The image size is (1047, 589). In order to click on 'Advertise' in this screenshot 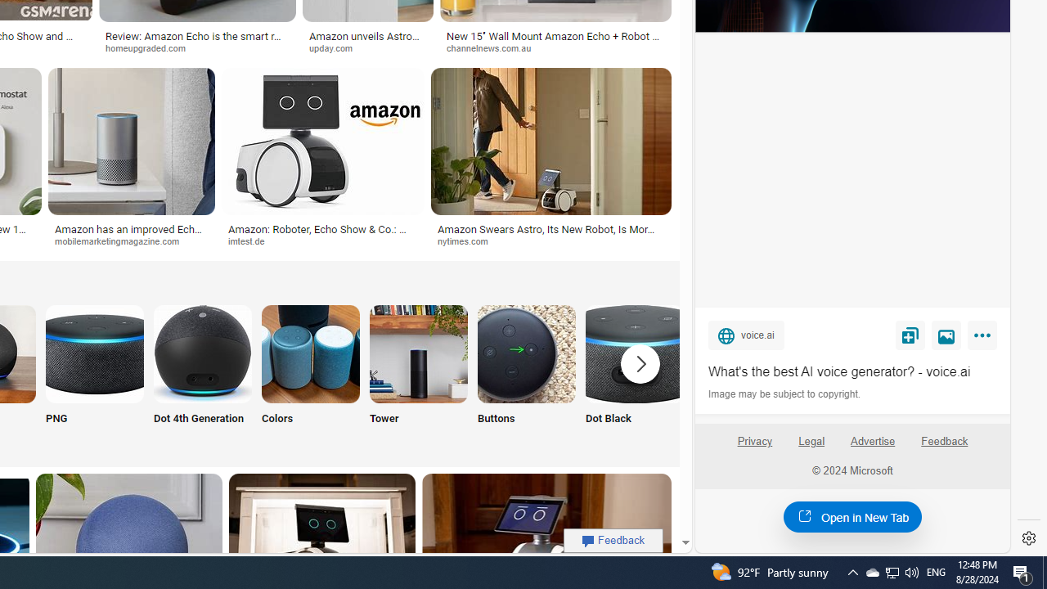, I will do `click(871, 440)`.